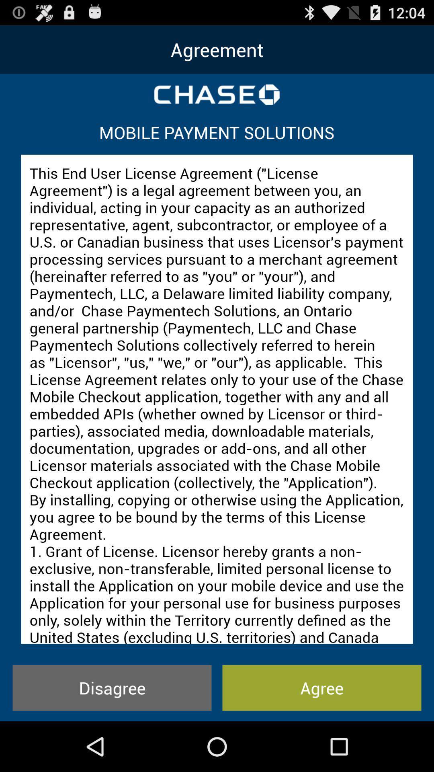 The height and width of the screenshot is (772, 434). What do you see at coordinates (321, 687) in the screenshot?
I see `the icon next to the disagree` at bounding box center [321, 687].